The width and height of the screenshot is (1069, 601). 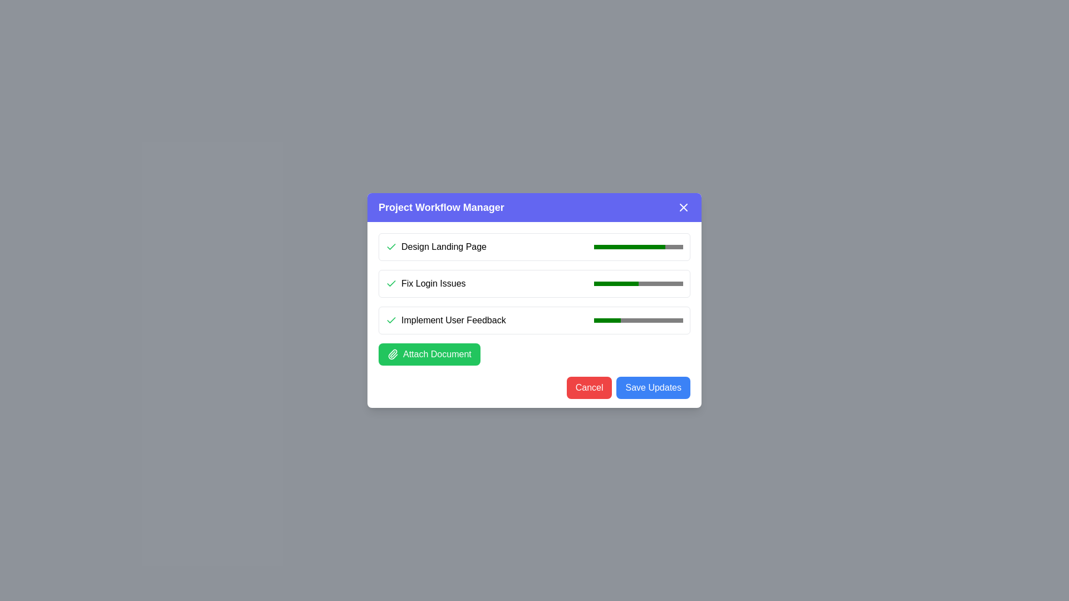 What do you see at coordinates (393, 354) in the screenshot?
I see `the attach document icon located inside the green button labeled 'Attach Document' in the lower-left section of the 'Project Workflow Manager' modal` at bounding box center [393, 354].